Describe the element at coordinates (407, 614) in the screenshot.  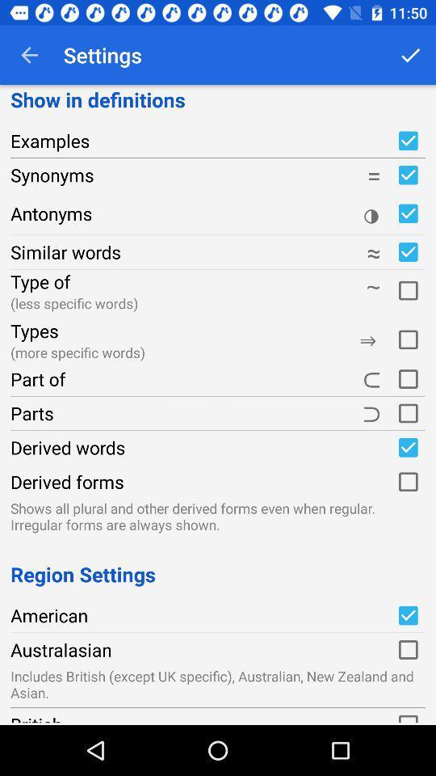
I see `change the region setting` at that location.